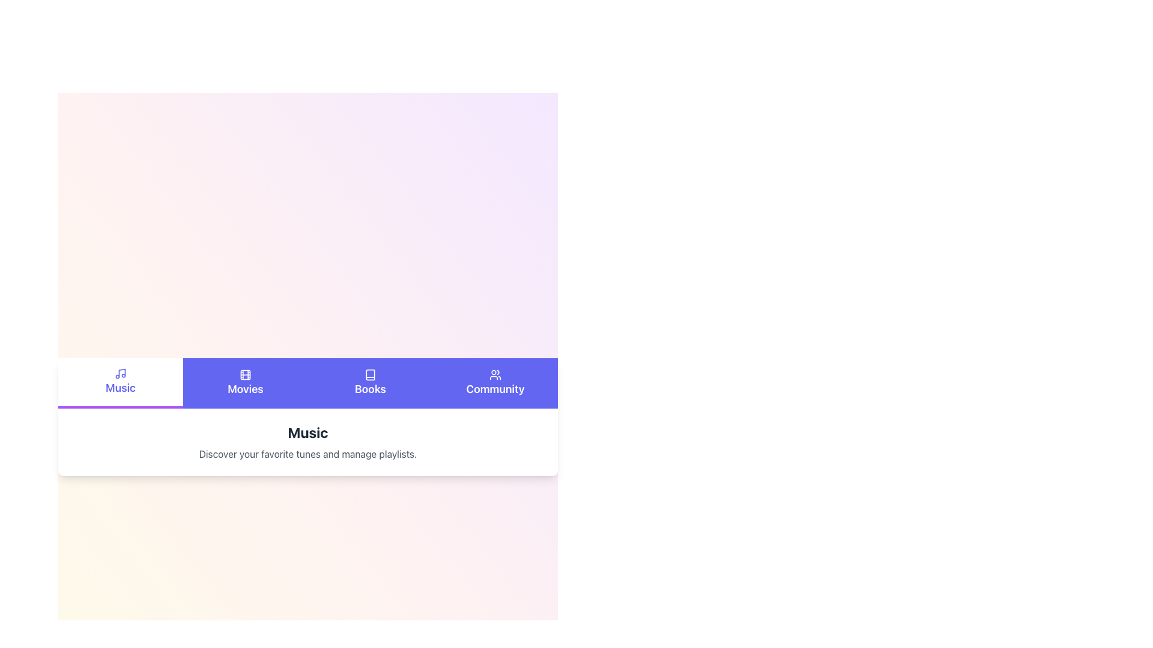 Image resolution: width=1153 pixels, height=648 pixels. I want to click on the rectangular button with a purple background and a white book icon labeled 'Books', so click(370, 383).